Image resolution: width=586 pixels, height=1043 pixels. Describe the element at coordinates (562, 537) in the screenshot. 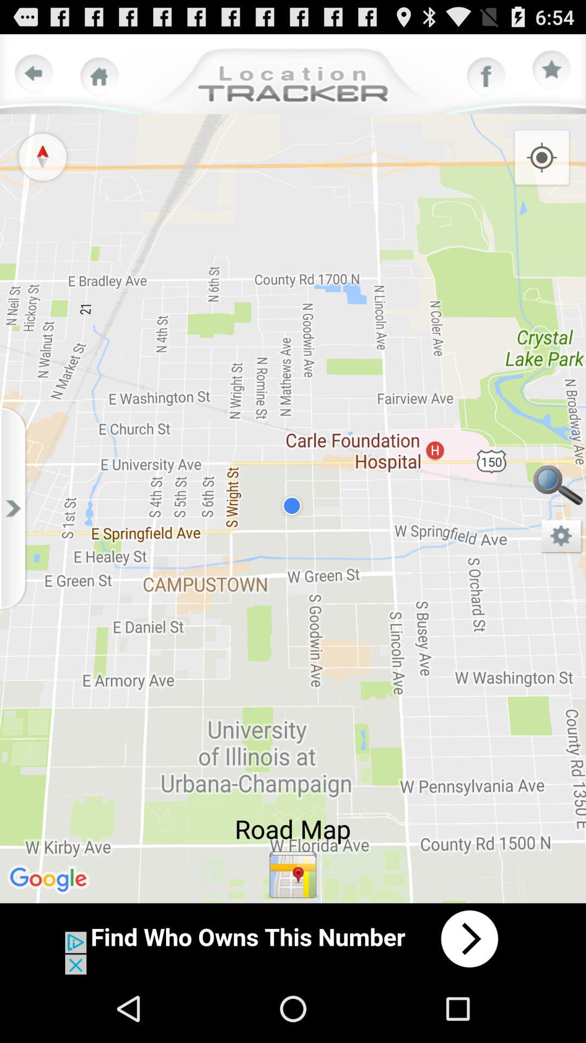

I see `map page` at that location.